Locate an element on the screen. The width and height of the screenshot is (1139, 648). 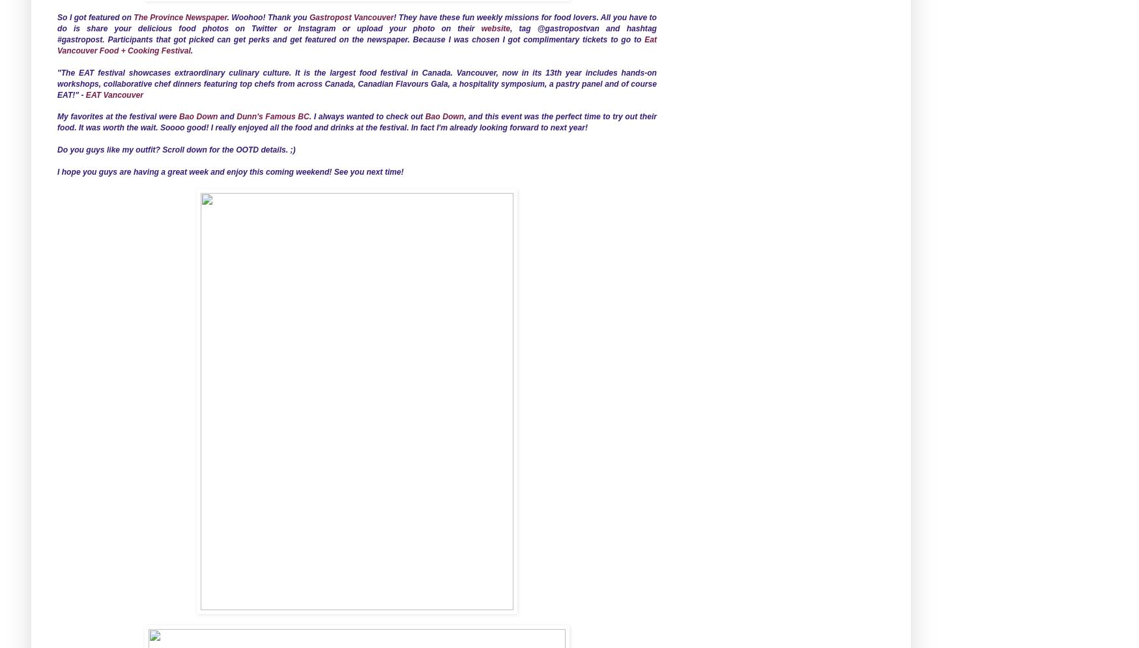
'EAT Vancouver' is located at coordinates (85, 95).